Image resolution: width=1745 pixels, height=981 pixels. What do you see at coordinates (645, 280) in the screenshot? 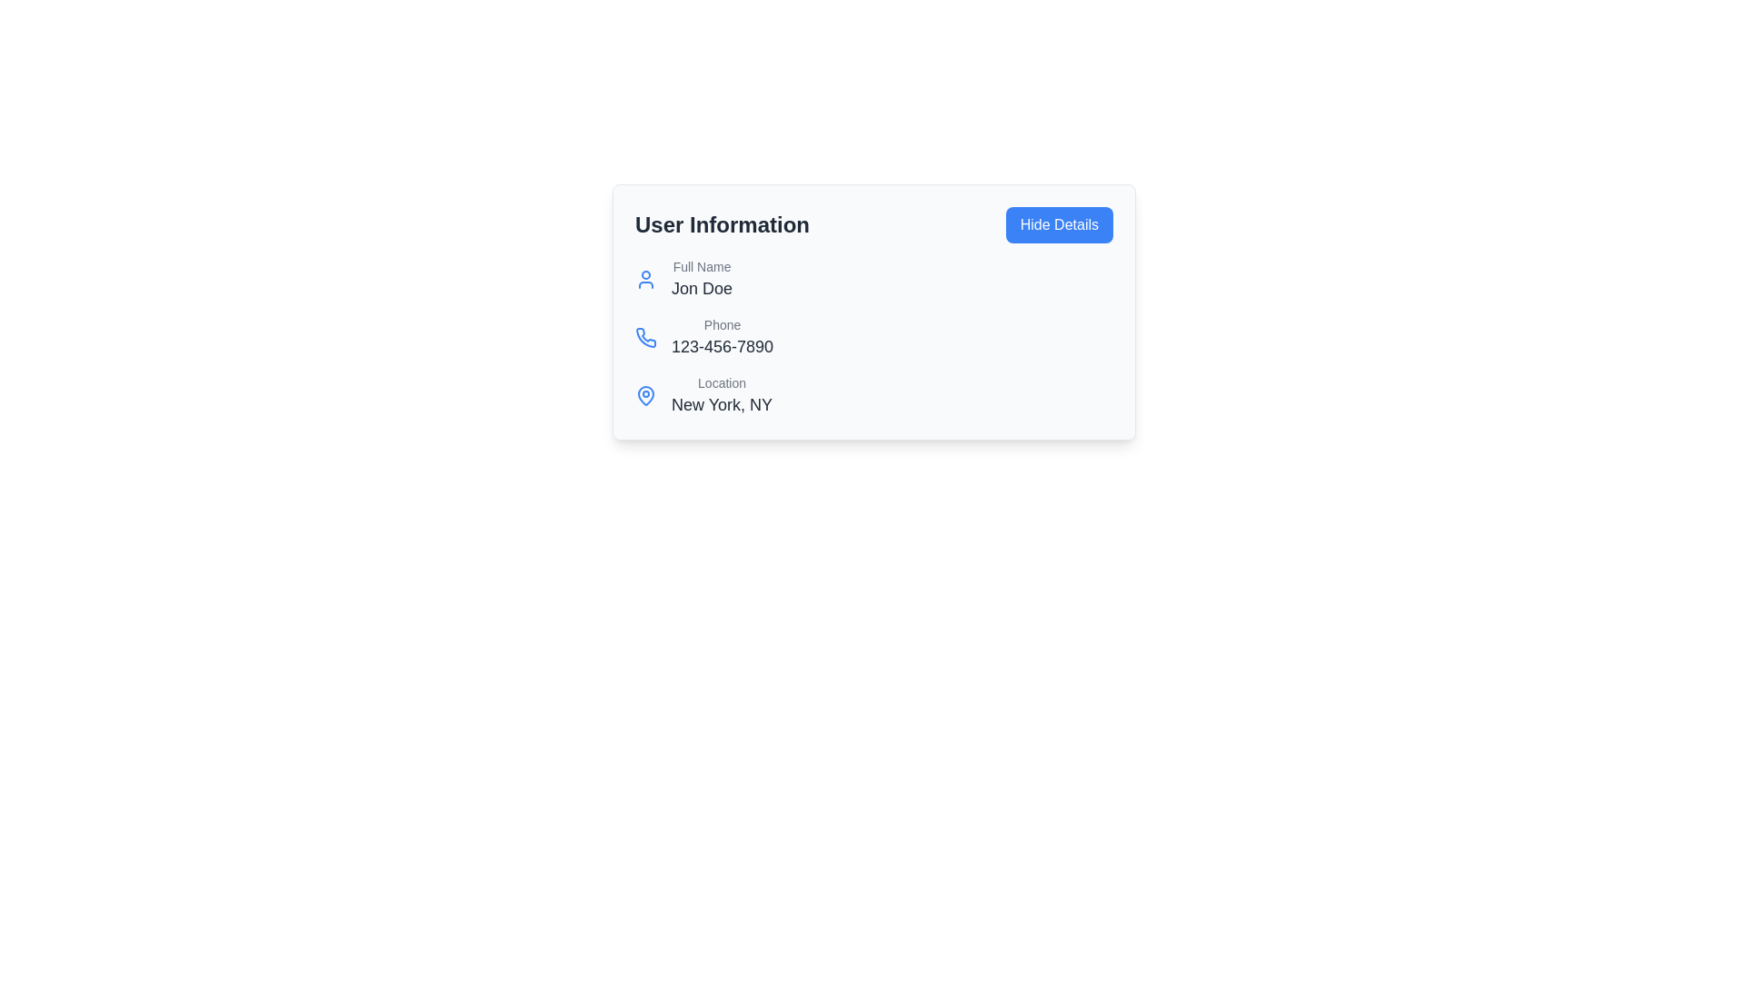
I see `the user profile icon styled in blue with outlined details, located in the 'User Information' panel, adjacent to 'Full Name' and above the phone and location details` at bounding box center [645, 280].